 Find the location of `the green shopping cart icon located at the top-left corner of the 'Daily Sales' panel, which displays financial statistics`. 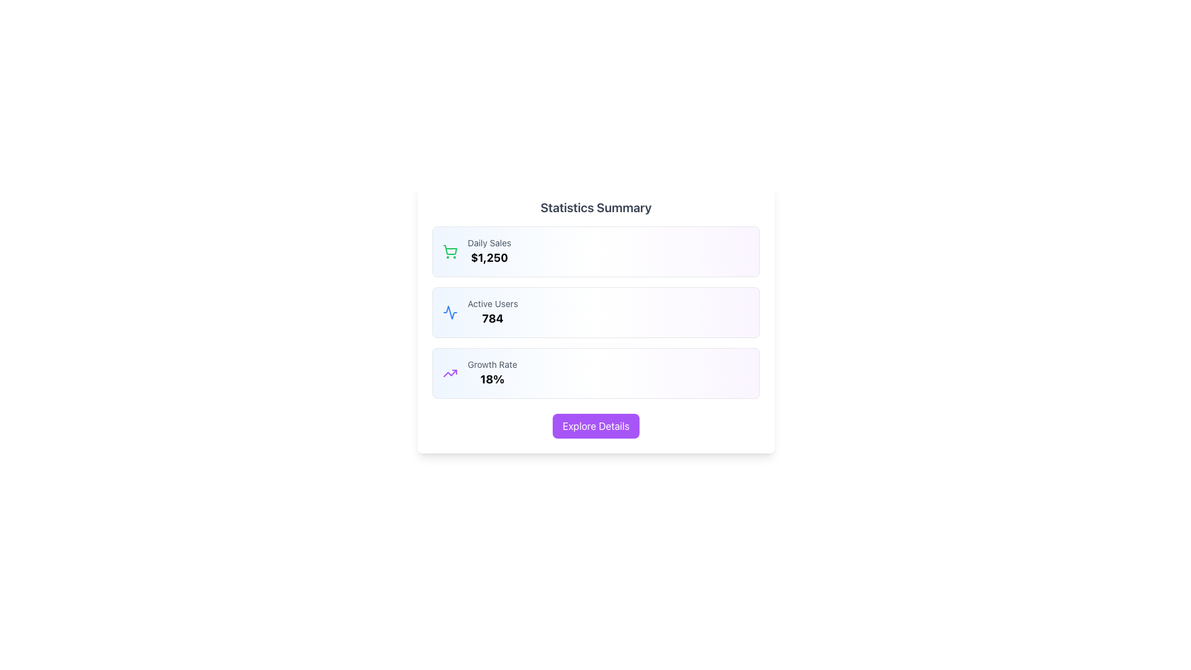

the green shopping cart icon located at the top-left corner of the 'Daily Sales' panel, which displays financial statistics is located at coordinates (449, 251).